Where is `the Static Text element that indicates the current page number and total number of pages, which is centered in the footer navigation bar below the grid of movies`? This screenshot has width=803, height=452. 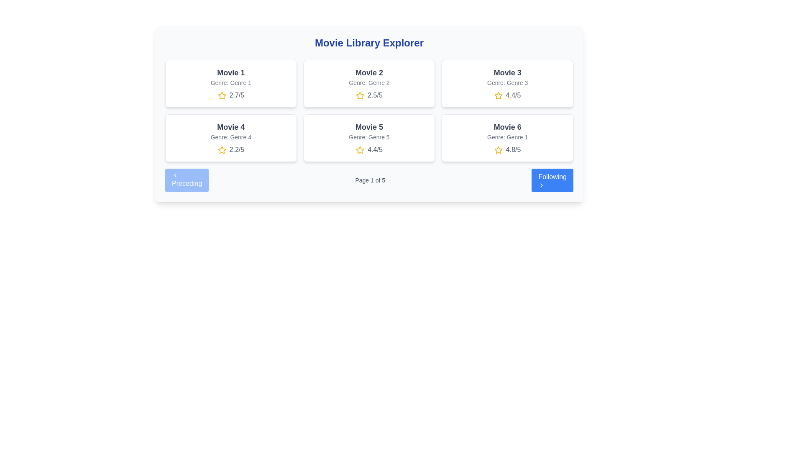 the Static Text element that indicates the current page number and total number of pages, which is centered in the footer navigation bar below the grid of movies is located at coordinates (370, 180).